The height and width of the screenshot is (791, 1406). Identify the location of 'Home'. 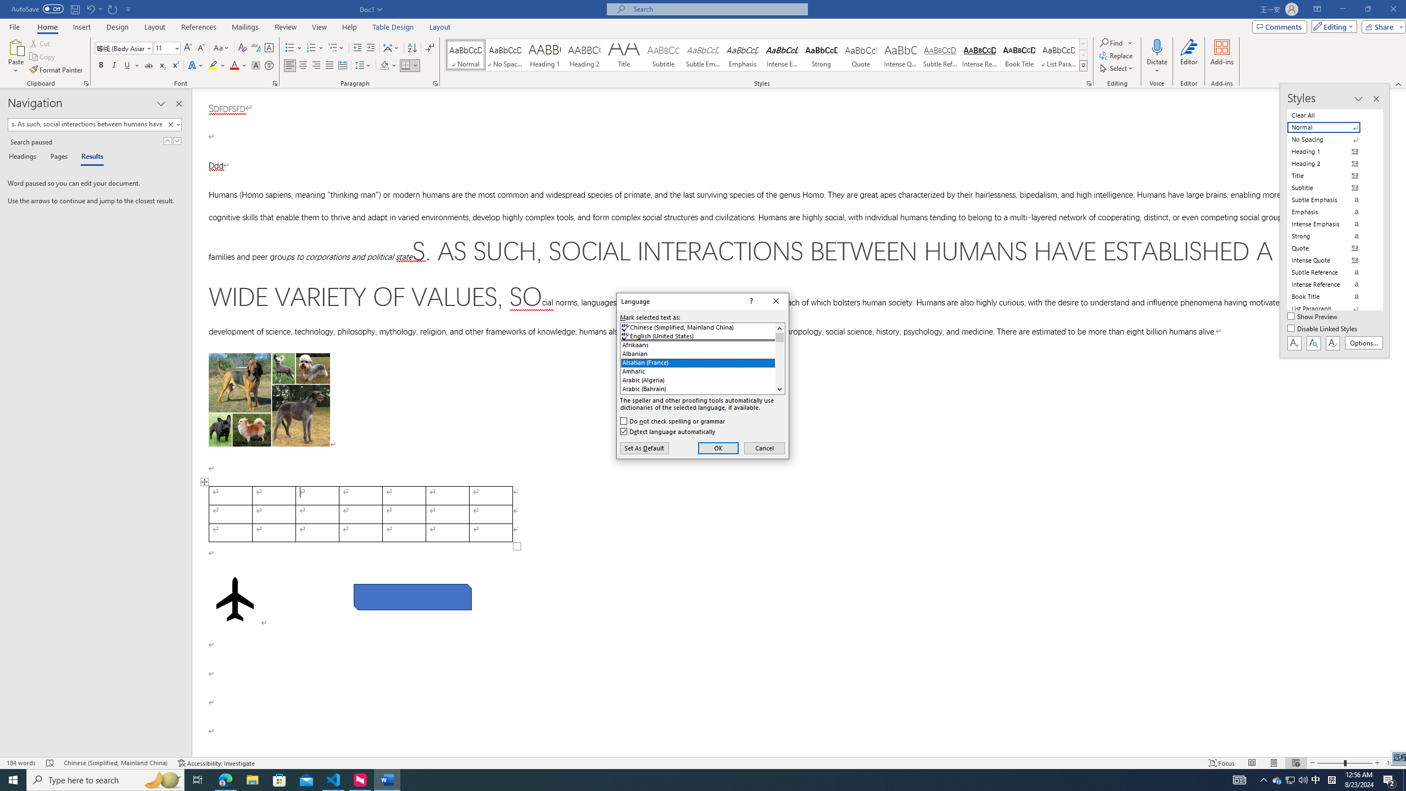
(47, 27).